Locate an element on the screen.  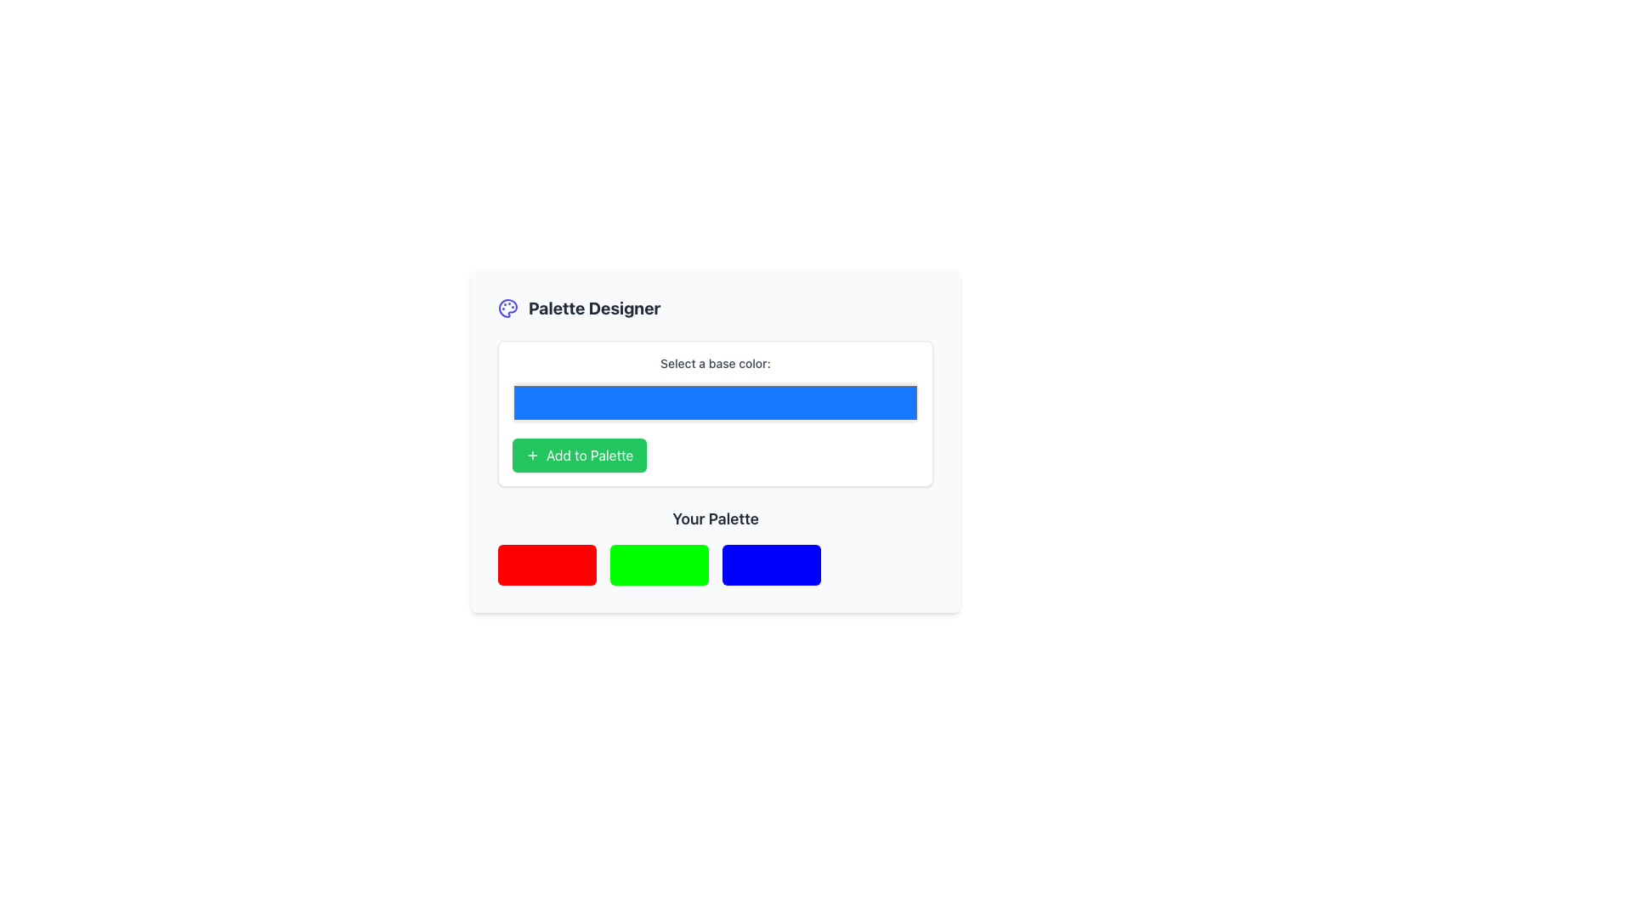
the solid blue colored box is located at coordinates (770, 564).